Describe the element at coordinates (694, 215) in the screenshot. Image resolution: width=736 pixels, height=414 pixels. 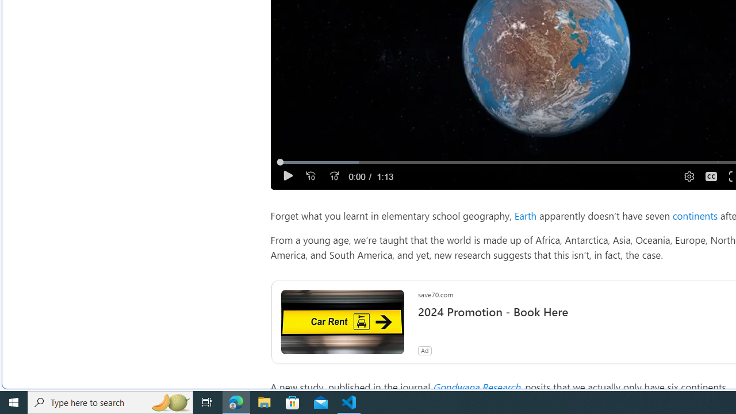
I see `'continents'` at that location.